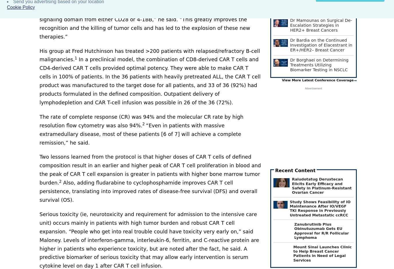 Image resolution: width=394 pixels, height=269 pixels. I want to click on 'Zanubrutinib Plus Obinutuzumab Gets EU Approval for R/R Follicular Lymphoma', so click(294, 230).